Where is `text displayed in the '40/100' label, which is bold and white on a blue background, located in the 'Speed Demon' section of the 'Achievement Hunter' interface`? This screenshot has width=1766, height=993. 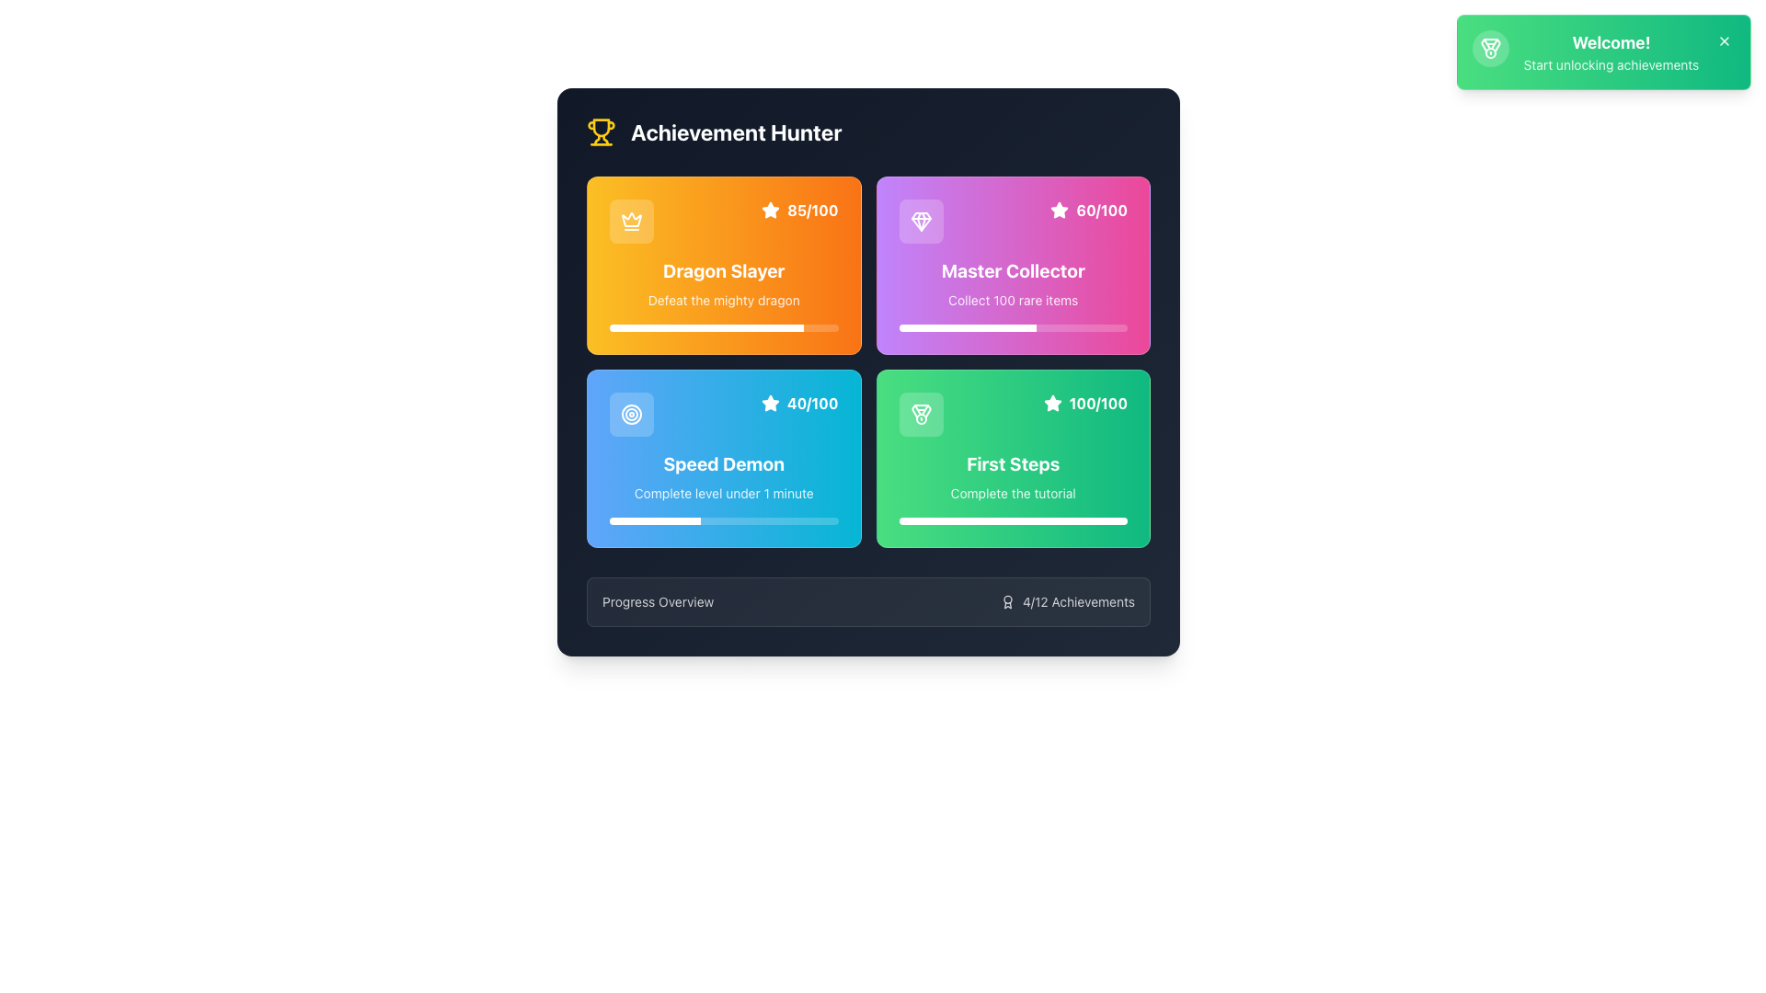 text displayed in the '40/100' label, which is bold and white on a blue background, located in the 'Speed Demon' section of the 'Achievement Hunter' interface is located at coordinates (811, 403).